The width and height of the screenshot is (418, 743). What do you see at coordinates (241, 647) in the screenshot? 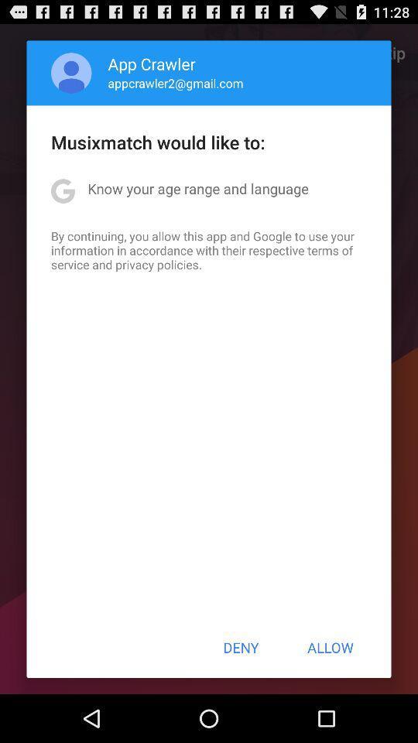
I see `the item to the left of allow item` at bounding box center [241, 647].